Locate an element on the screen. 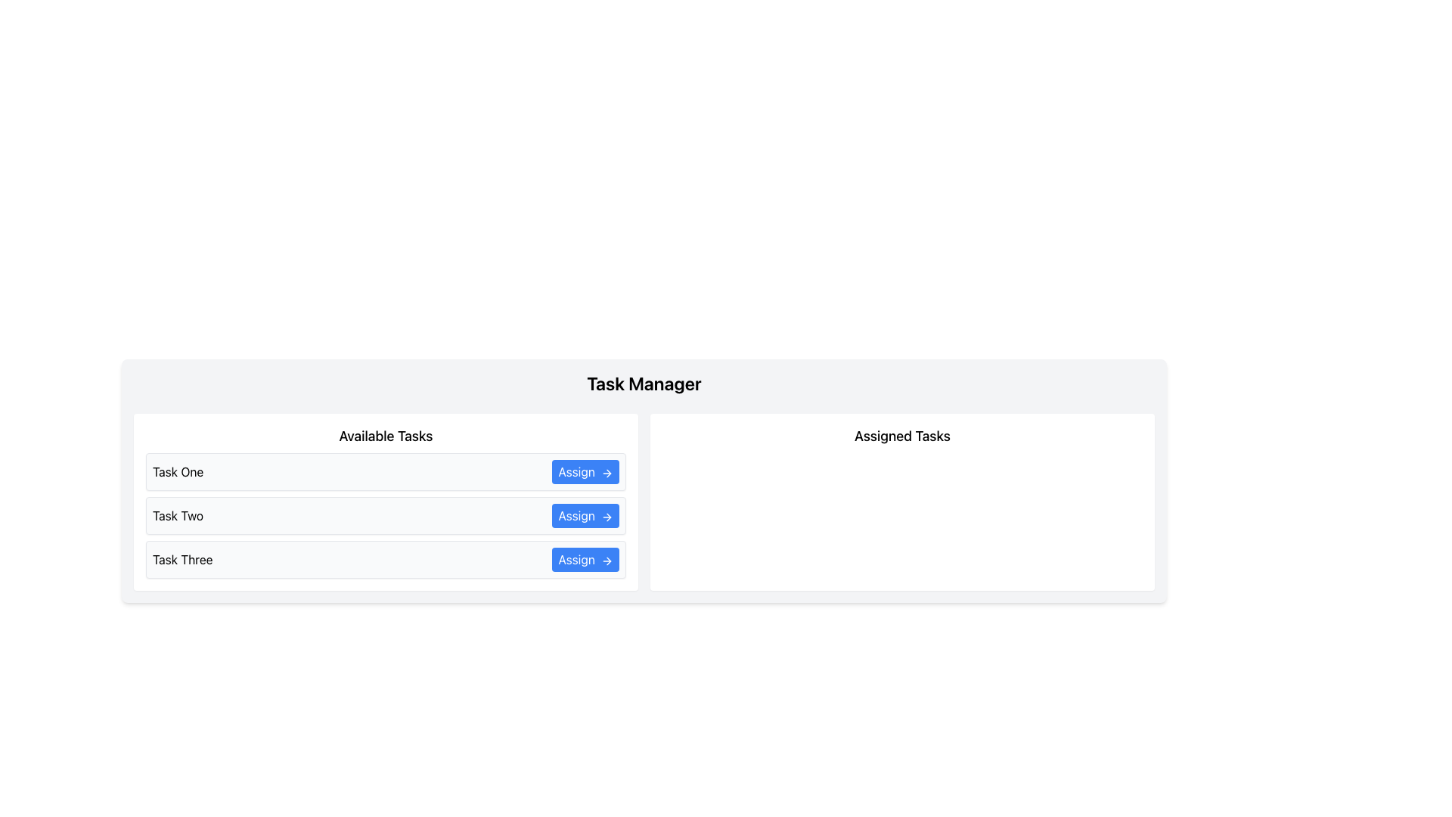 Image resolution: width=1452 pixels, height=817 pixels. the right-facing arrow icon located at the far-right end of the 'Assign' button in the third row of task items under 'Available Tasks' is located at coordinates (607, 560).